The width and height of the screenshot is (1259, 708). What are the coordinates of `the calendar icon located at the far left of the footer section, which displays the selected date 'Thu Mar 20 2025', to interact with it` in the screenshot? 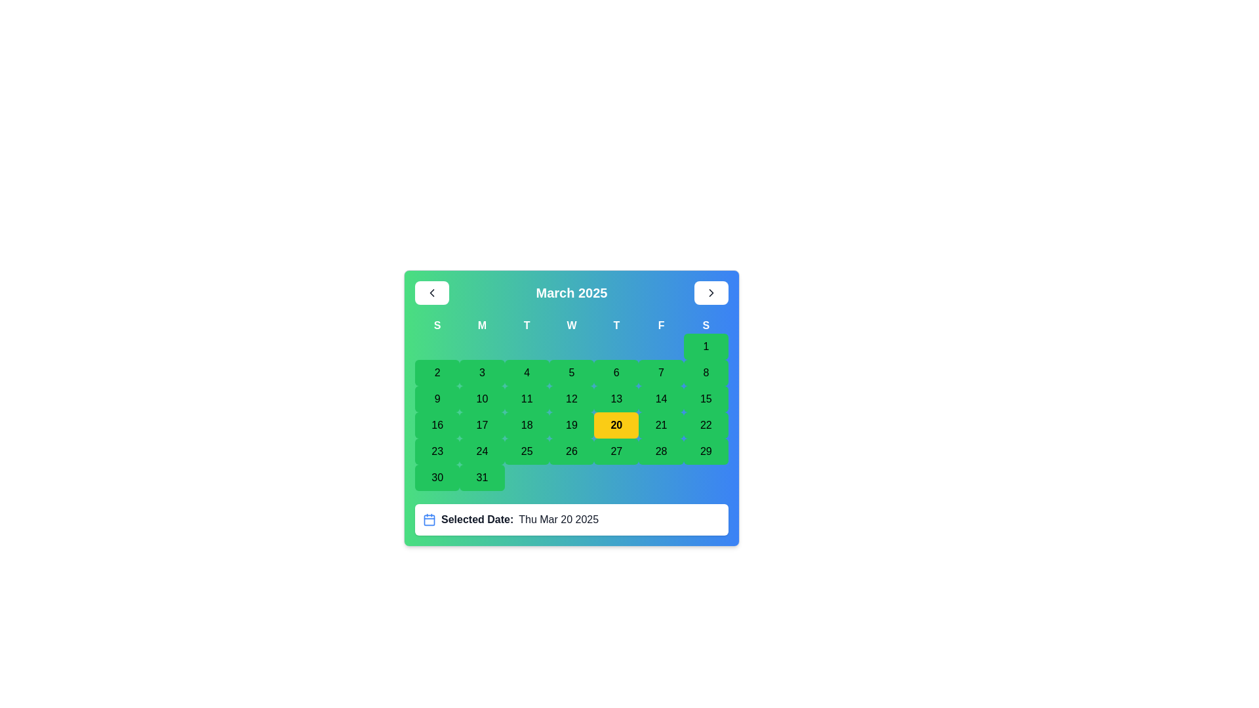 It's located at (429, 519).